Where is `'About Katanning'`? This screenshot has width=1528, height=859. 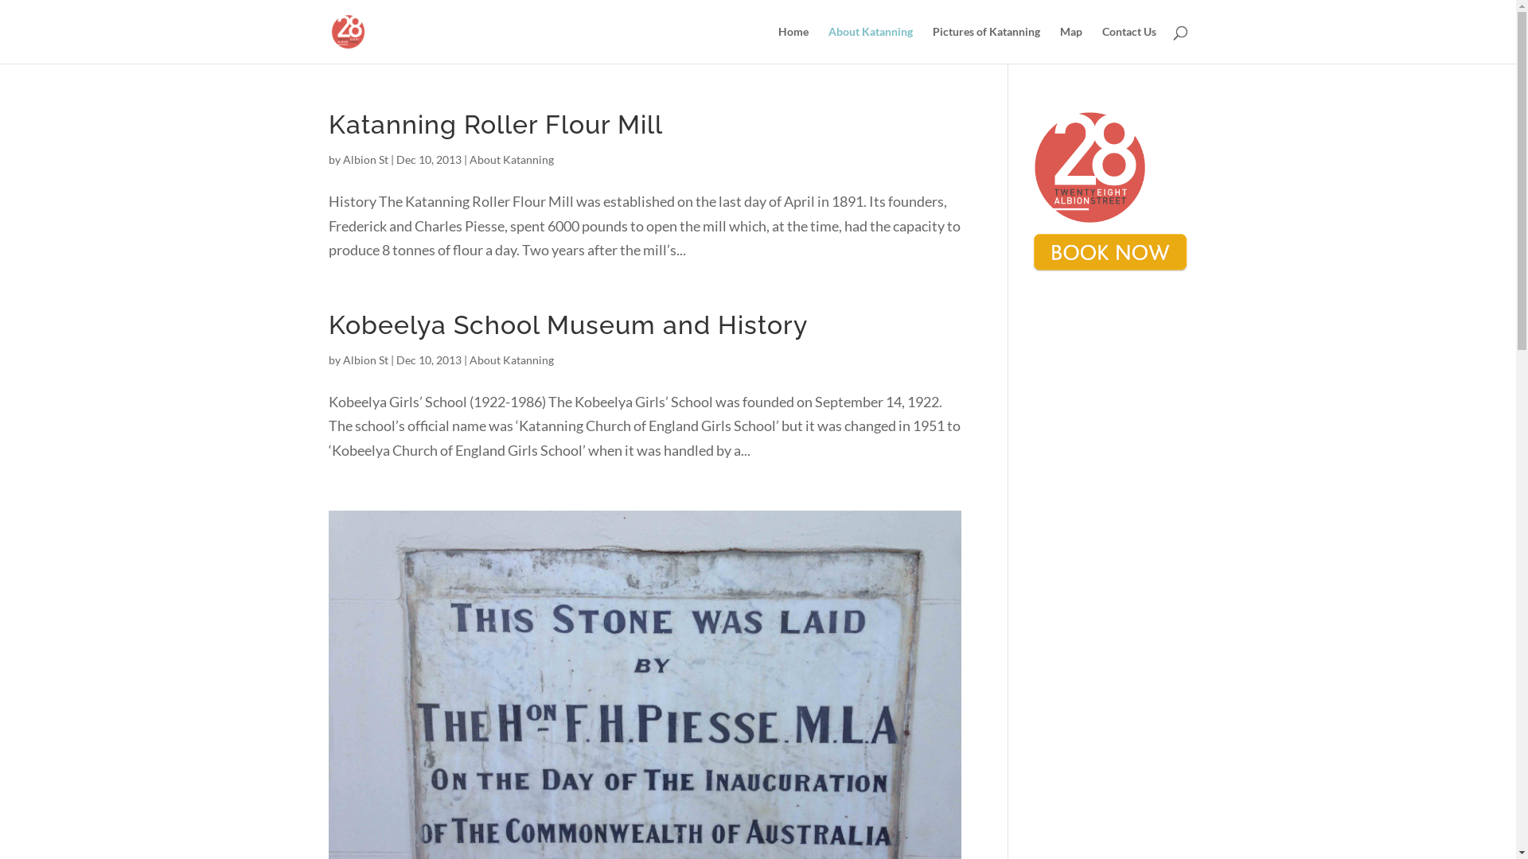
'About Katanning' is located at coordinates (869, 44).